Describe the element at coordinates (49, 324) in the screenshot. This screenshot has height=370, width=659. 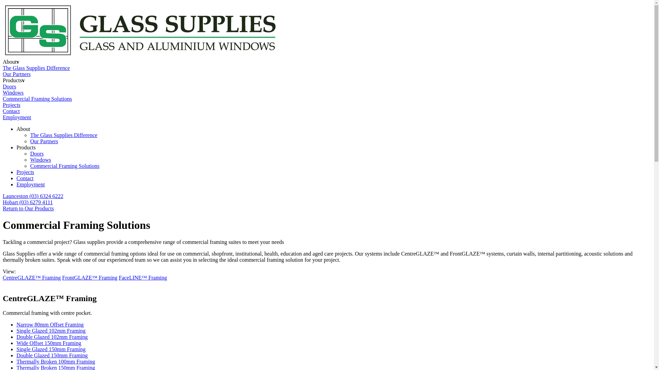
I see `'Narrow 80mm Offset Framing'` at that location.